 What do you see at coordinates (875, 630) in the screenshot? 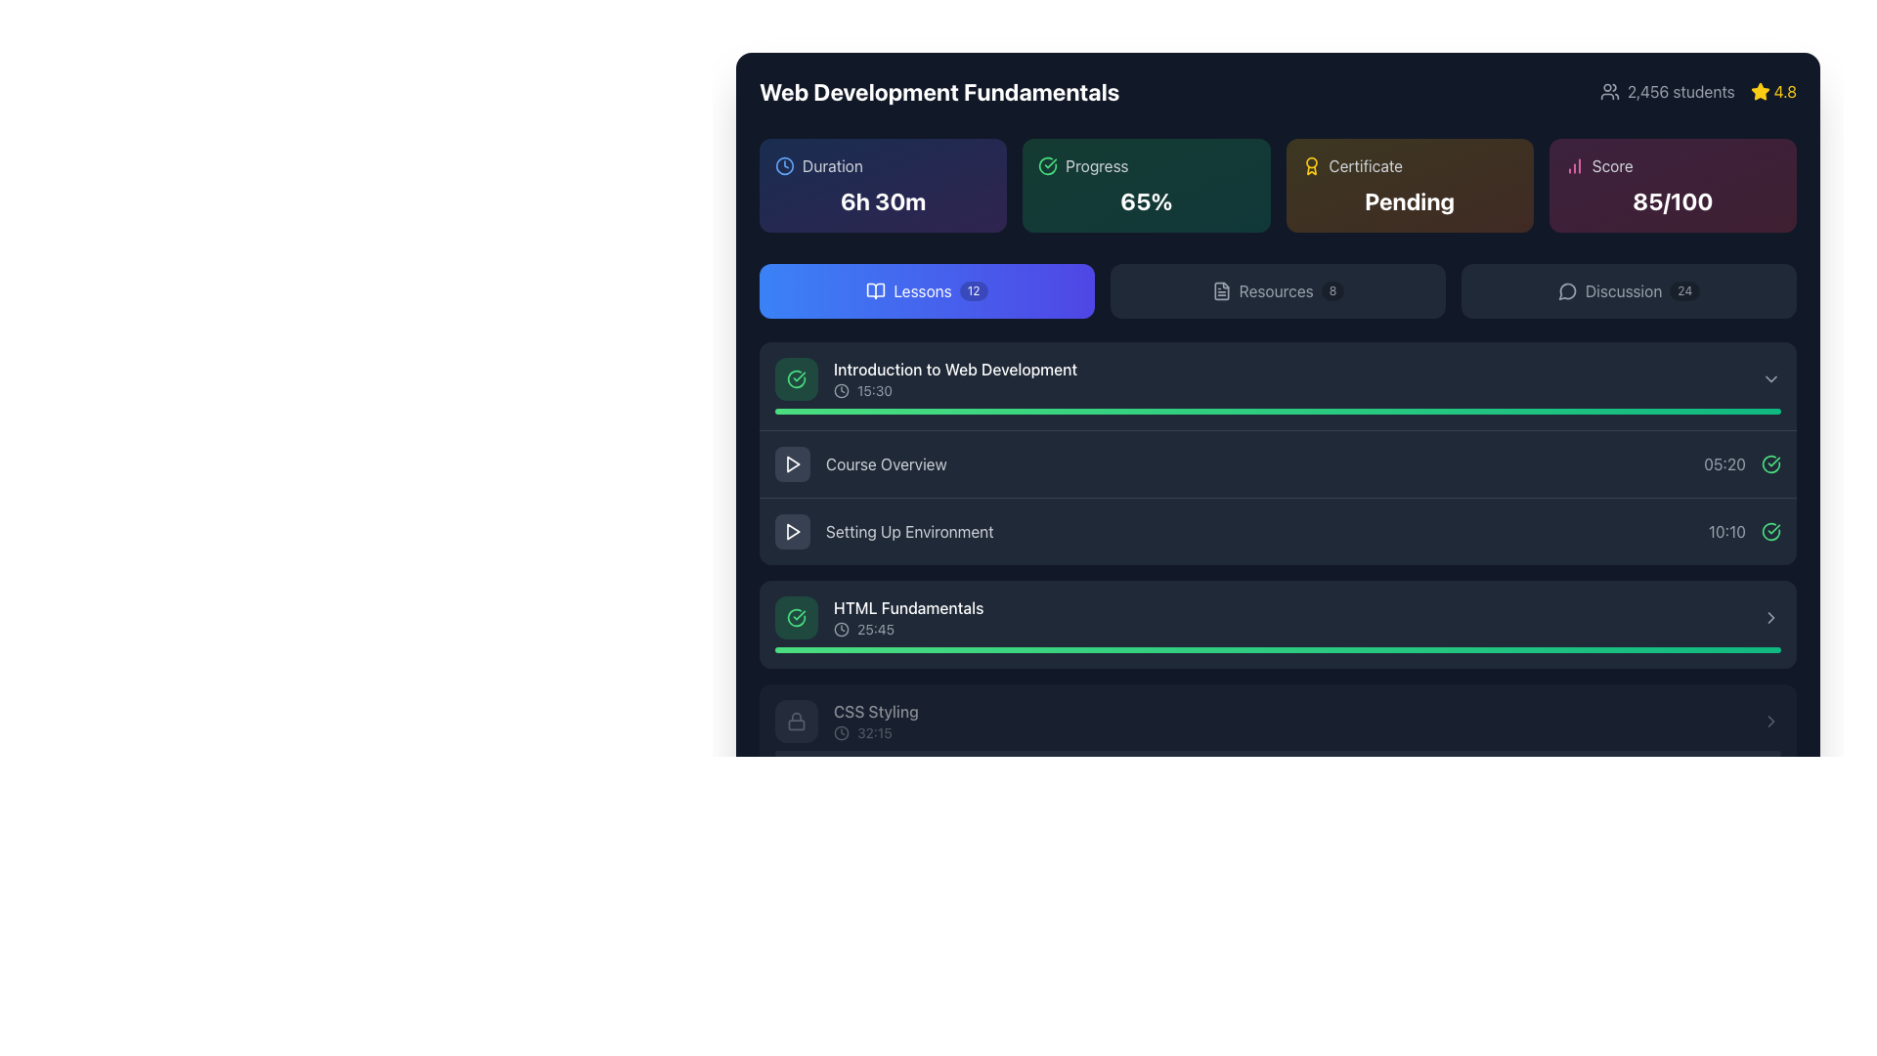
I see `the text label displaying '25:45', which is located to the right of the clock icon in the 'HTML Fundamentals' lesson item, indicating a duration or time` at bounding box center [875, 630].